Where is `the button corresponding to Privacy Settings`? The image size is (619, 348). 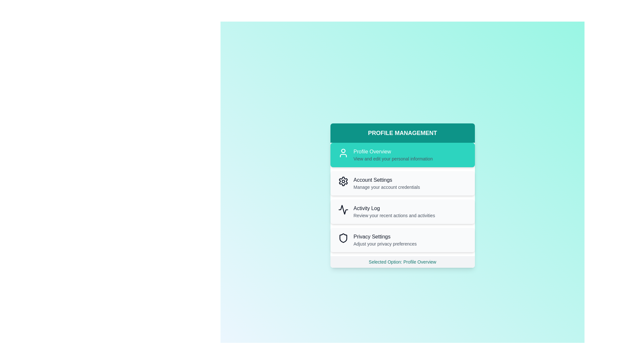 the button corresponding to Privacy Settings is located at coordinates (402, 240).